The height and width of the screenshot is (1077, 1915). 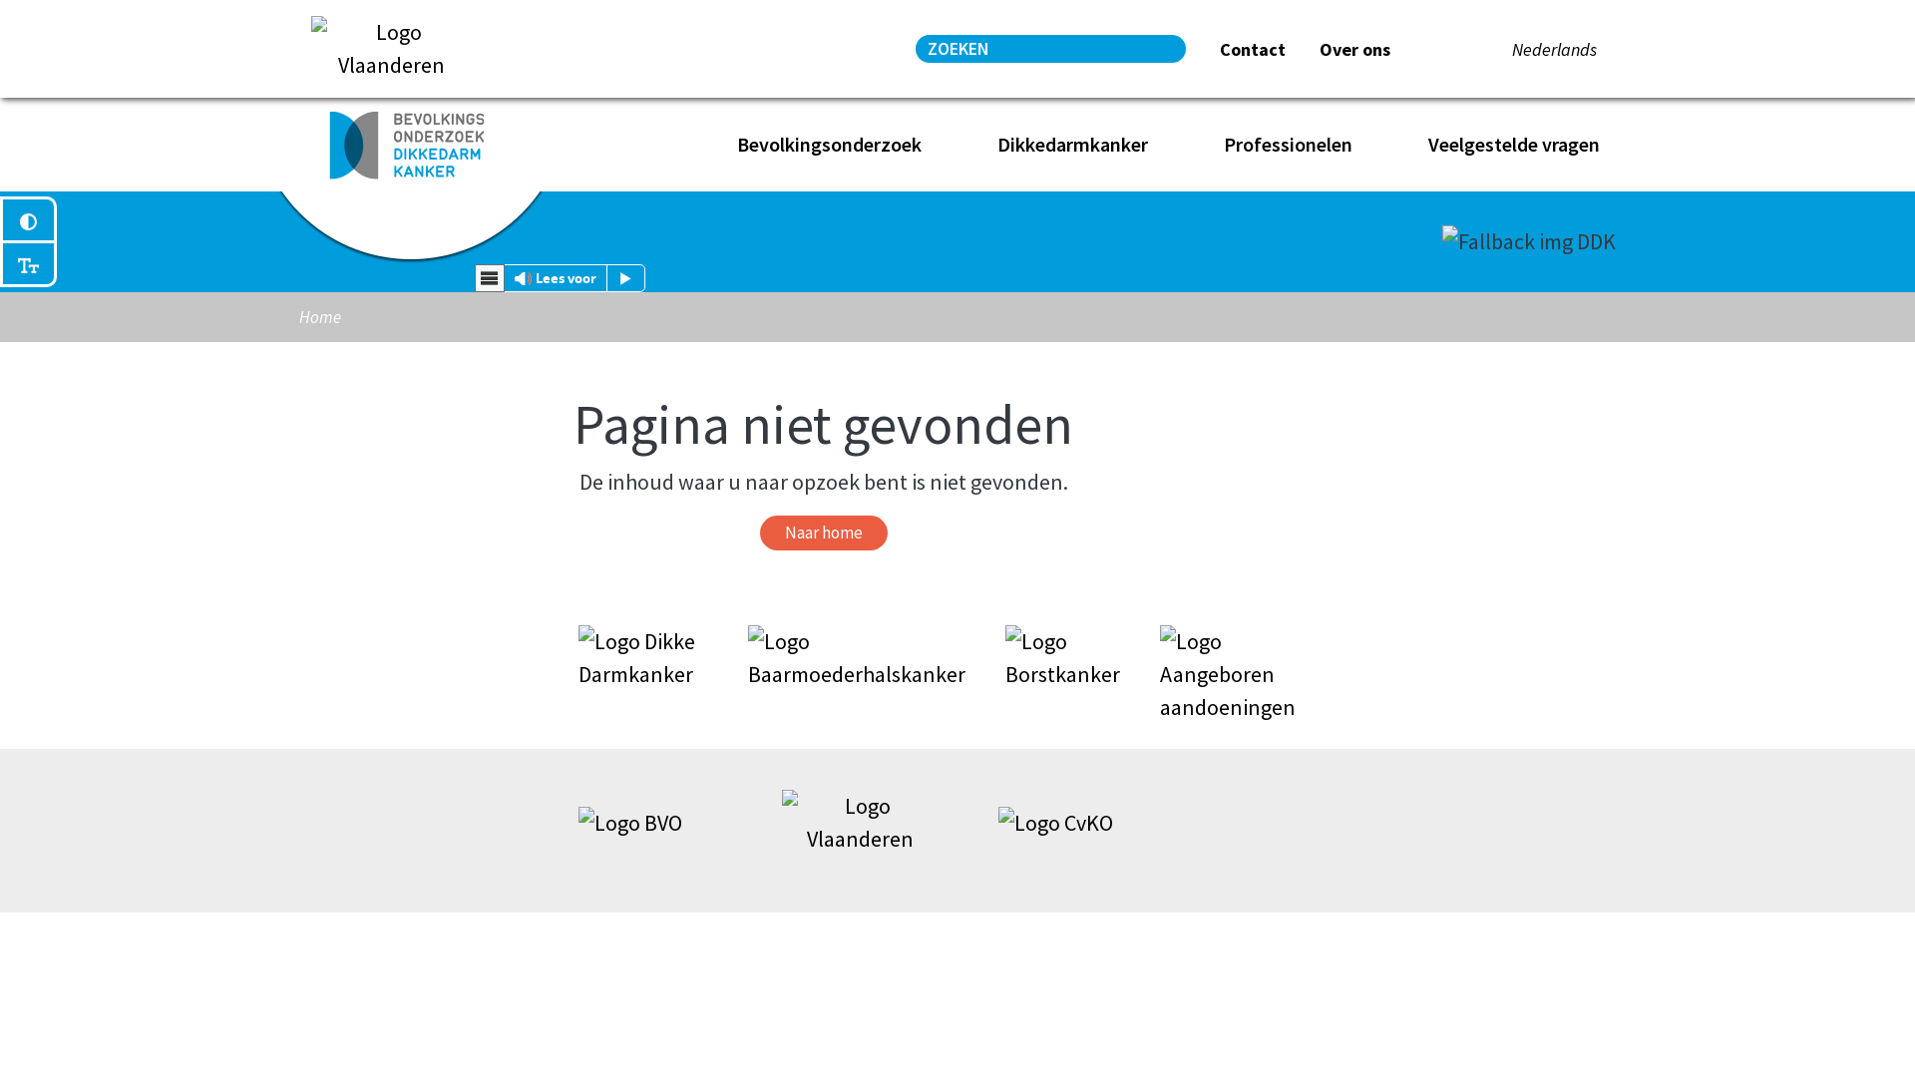 What do you see at coordinates (1553, 48) in the screenshot?
I see `'Nederlands'` at bounding box center [1553, 48].